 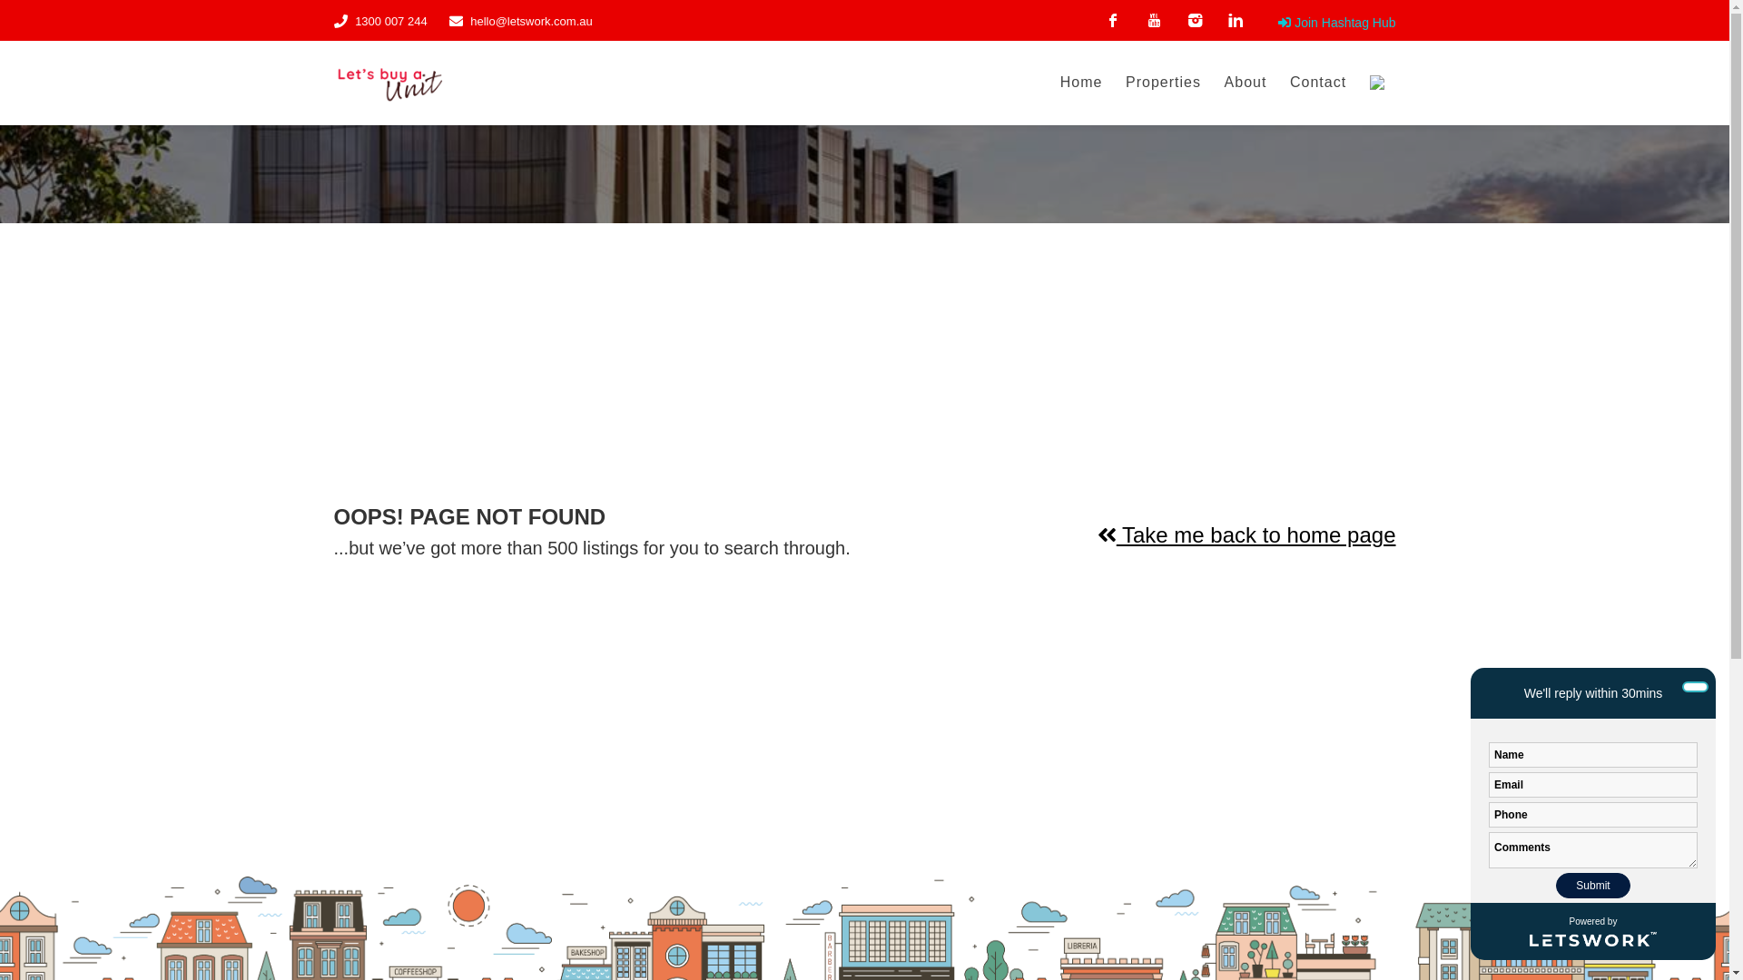 What do you see at coordinates (1317, 83) in the screenshot?
I see `'Contact'` at bounding box center [1317, 83].